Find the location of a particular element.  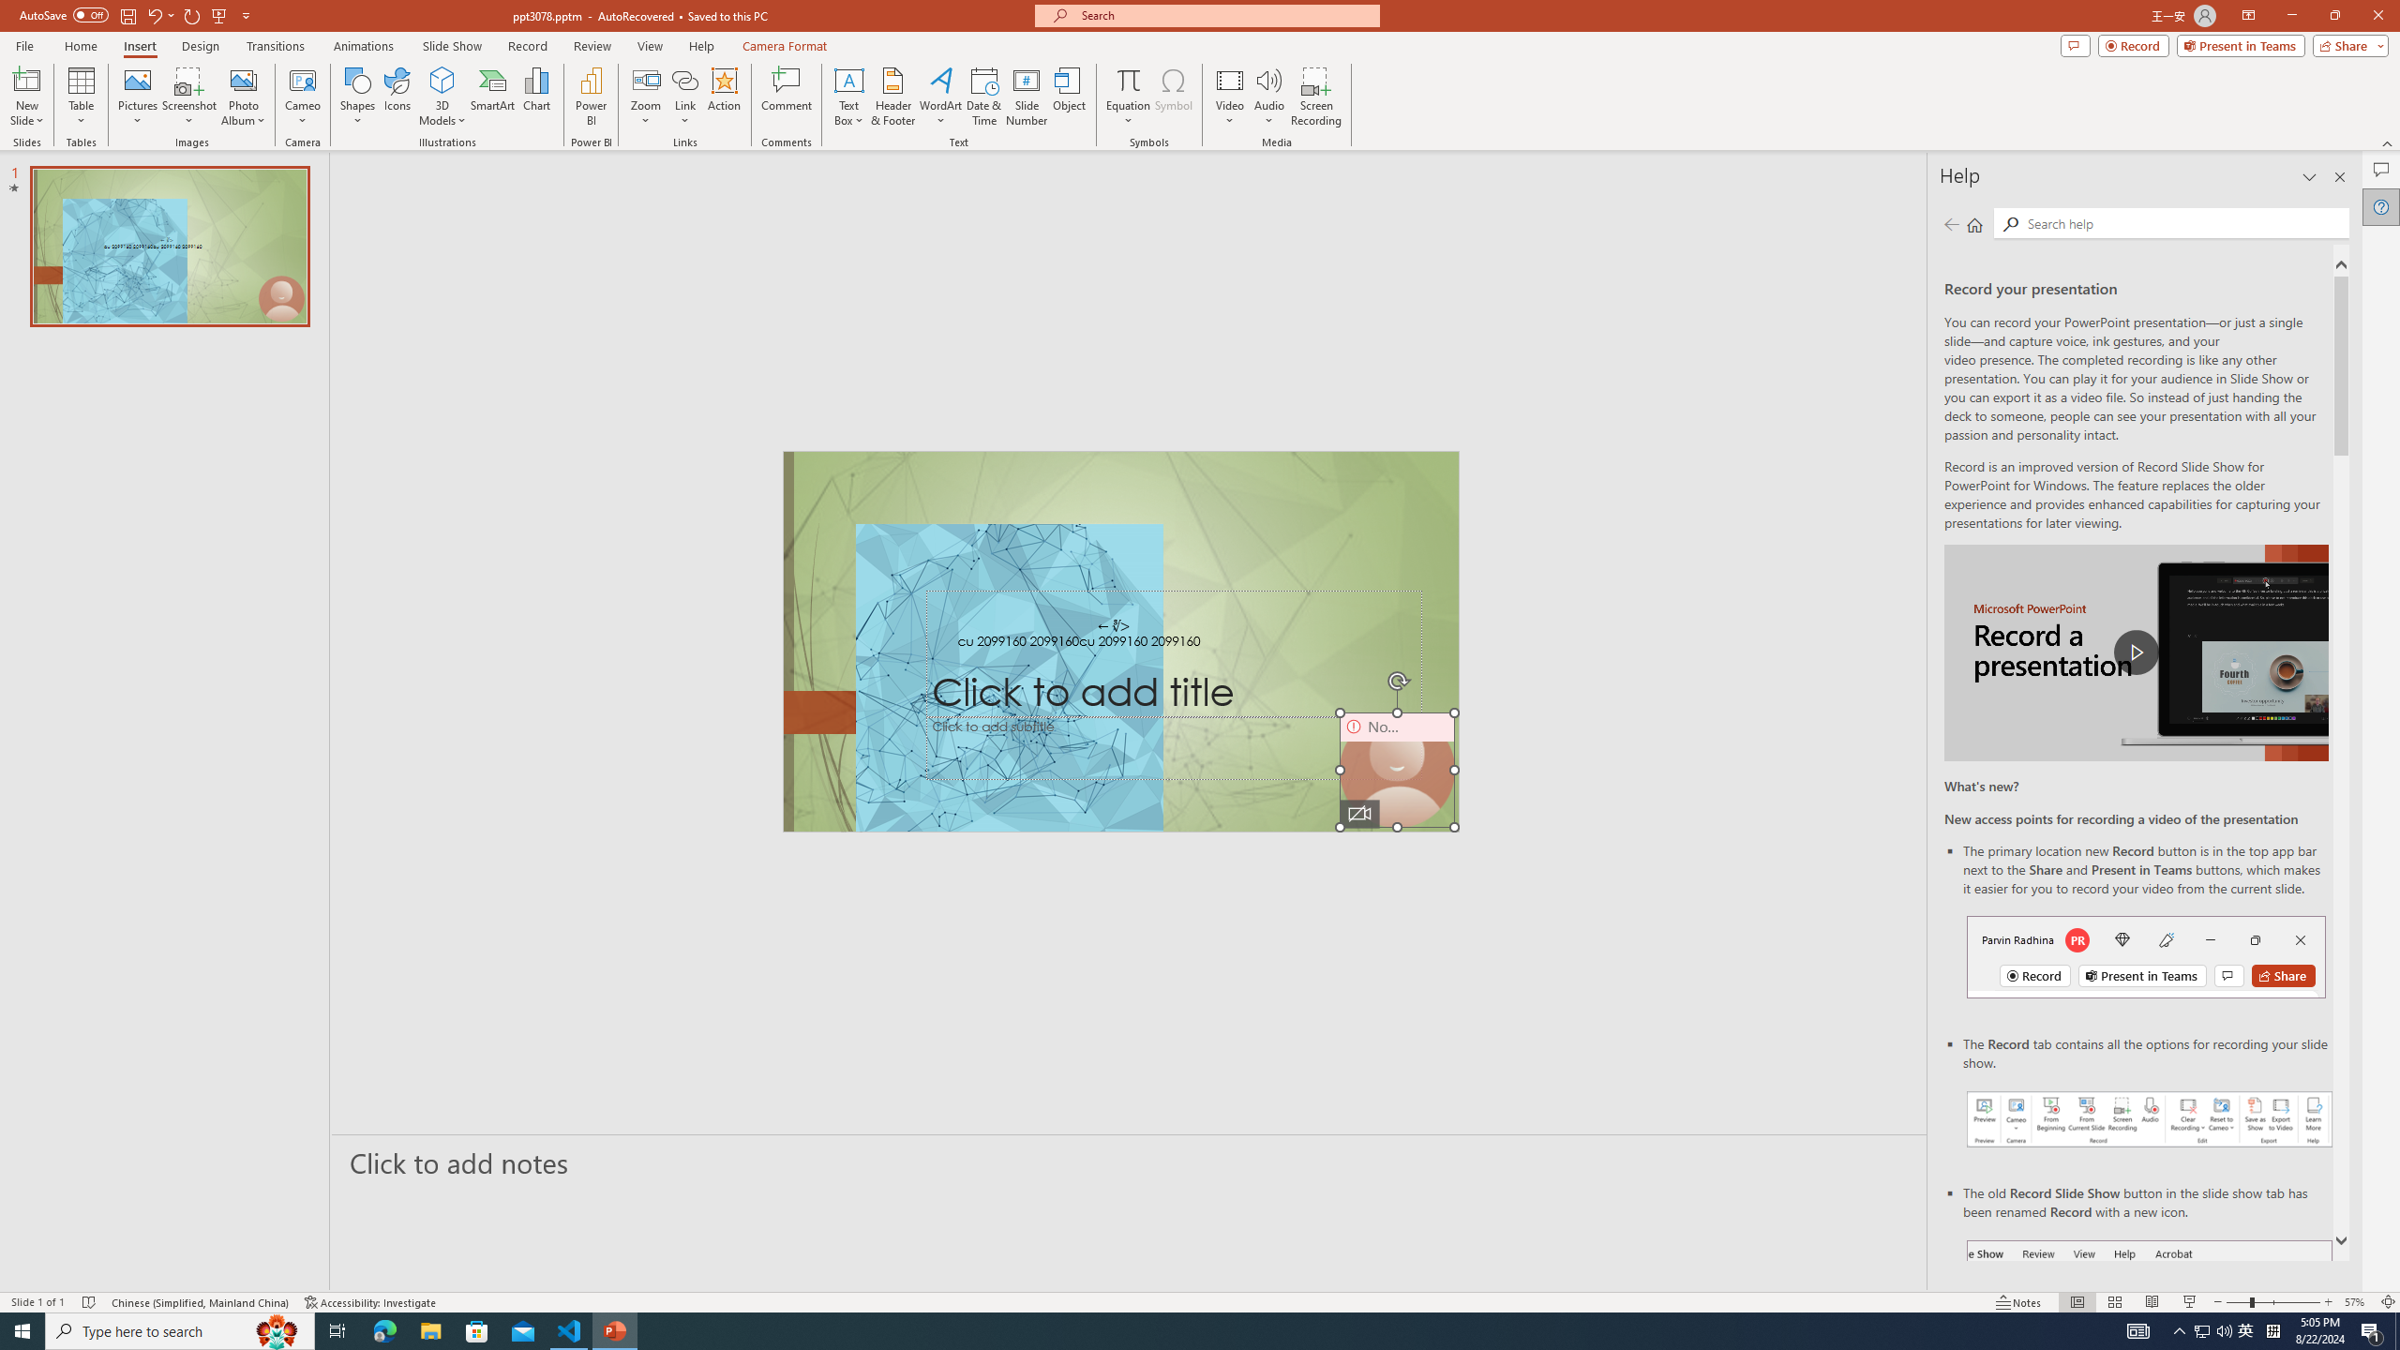

'Screen Recording...' is located at coordinates (1315, 97).